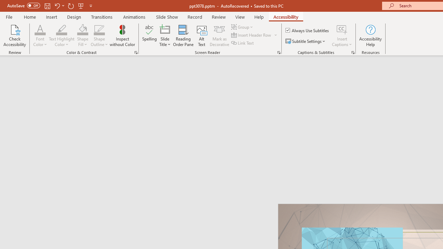 This screenshot has height=249, width=443. I want to click on 'Captions & Subtitles', so click(353, 52).